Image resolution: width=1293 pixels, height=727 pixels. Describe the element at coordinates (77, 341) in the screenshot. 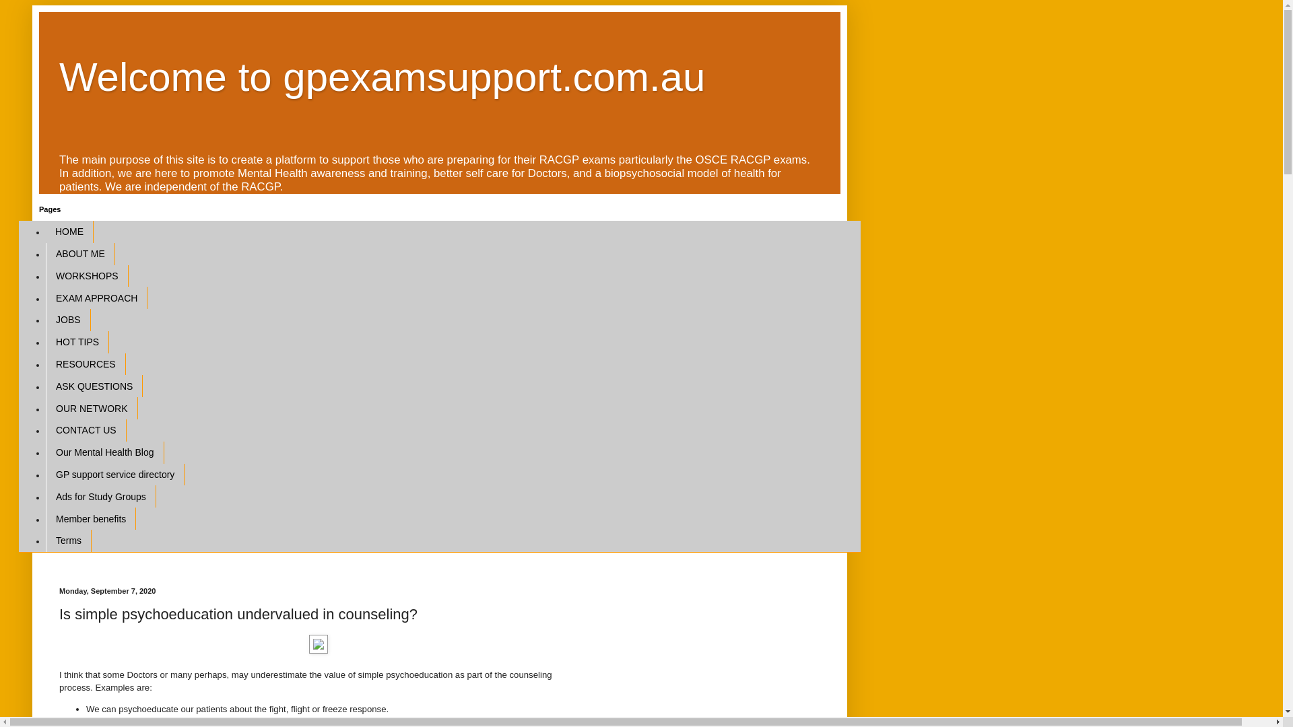

I see `'HOT TIPS'` at that location.